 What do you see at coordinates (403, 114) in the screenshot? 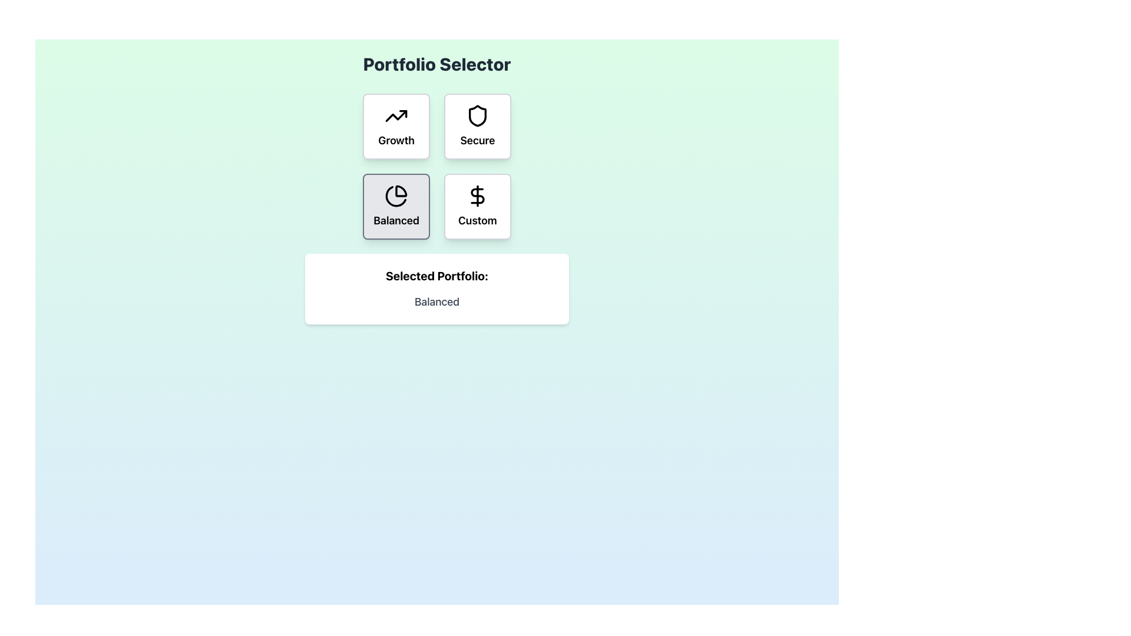
I see `the visual changes in the 'Growth' option by hovering over the topmost stroke of the diagonal line within the upward trend chart icon located in the top-left corner of the menu grid under 'Portfolio Selector.'` at bounding box center [403, 114].